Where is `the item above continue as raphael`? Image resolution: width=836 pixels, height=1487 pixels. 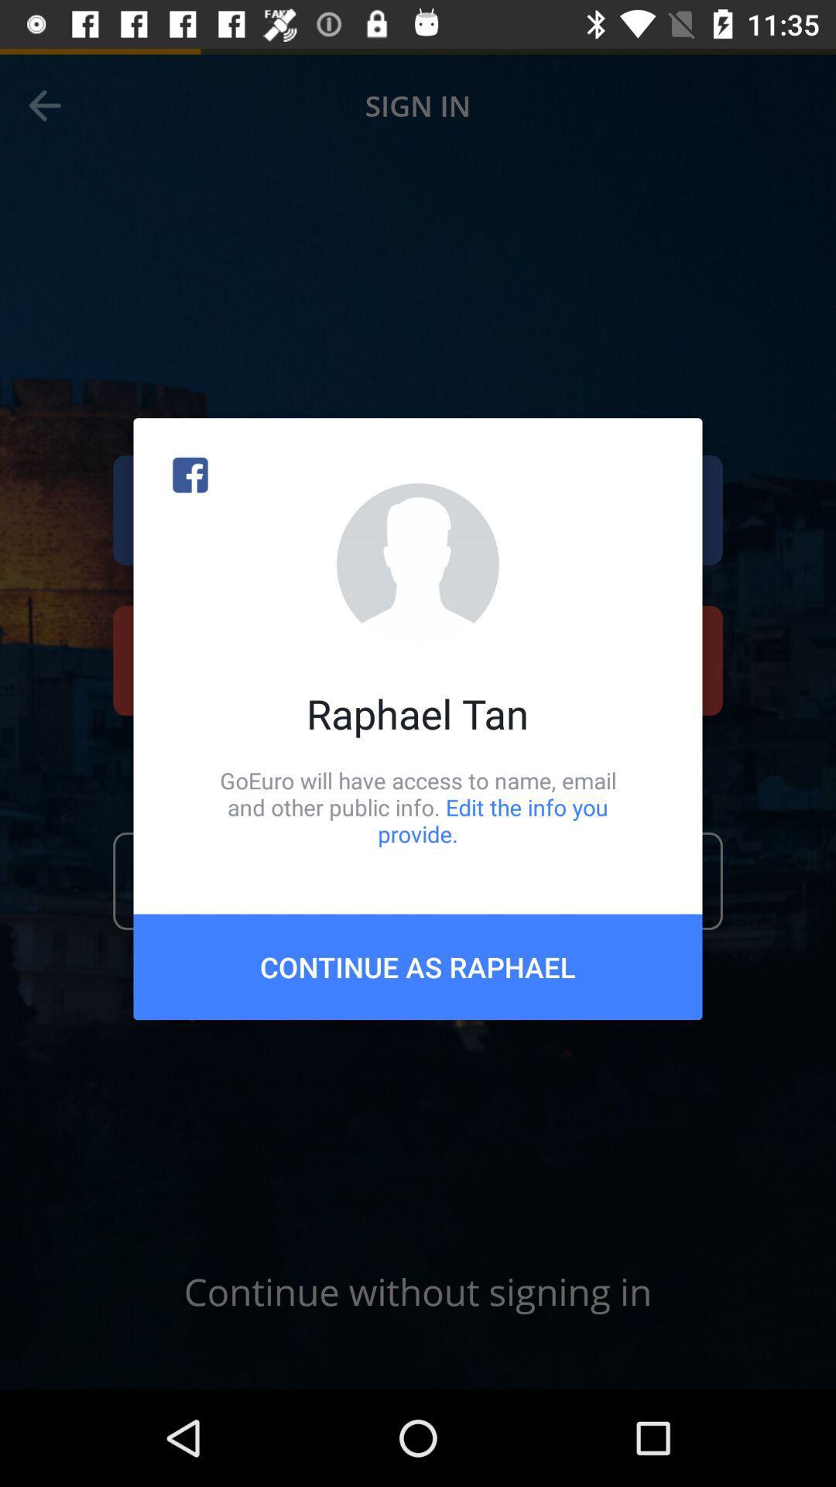 the item above continue as raphael is located at coordinates (418, 806).